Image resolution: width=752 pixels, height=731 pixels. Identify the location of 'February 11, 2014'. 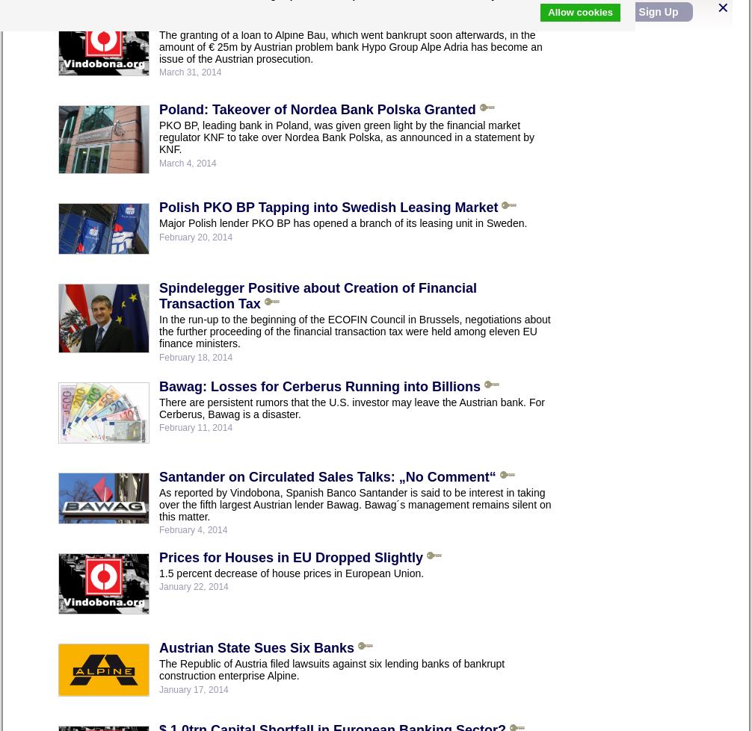
(194, 427).